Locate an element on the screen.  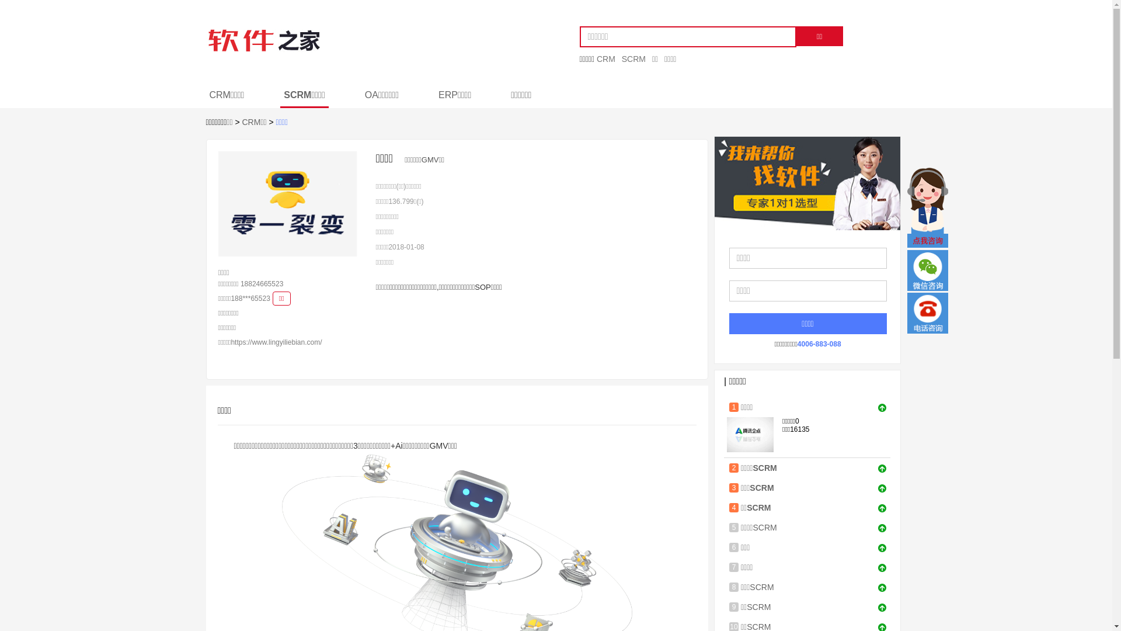
'CRM' is located at coordinates (607, 58).